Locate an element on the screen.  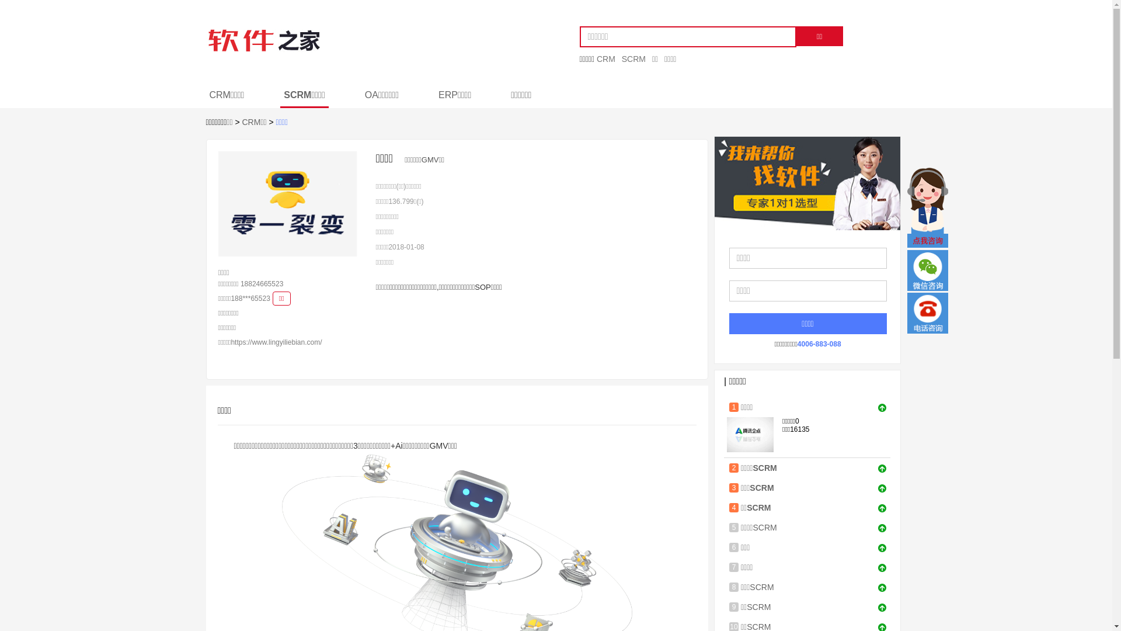
'CRM' is located at coordinates (607, 58).